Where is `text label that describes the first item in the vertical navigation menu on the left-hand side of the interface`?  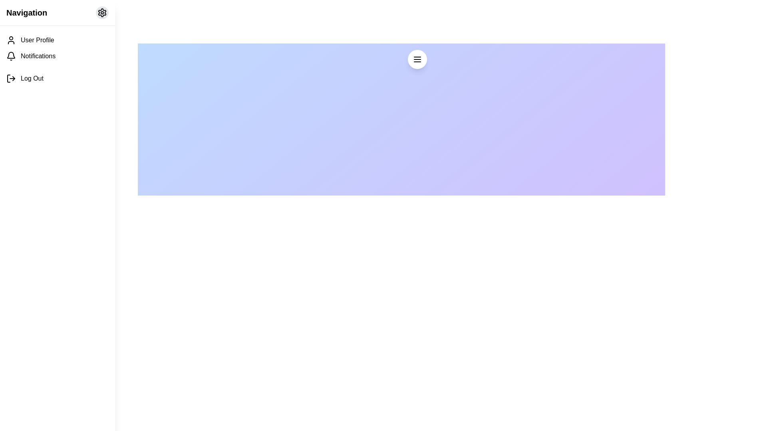
text label that describes the first item in the vertical navigation menu on the left-hand side of the interface is located at coordinates (37, 40).